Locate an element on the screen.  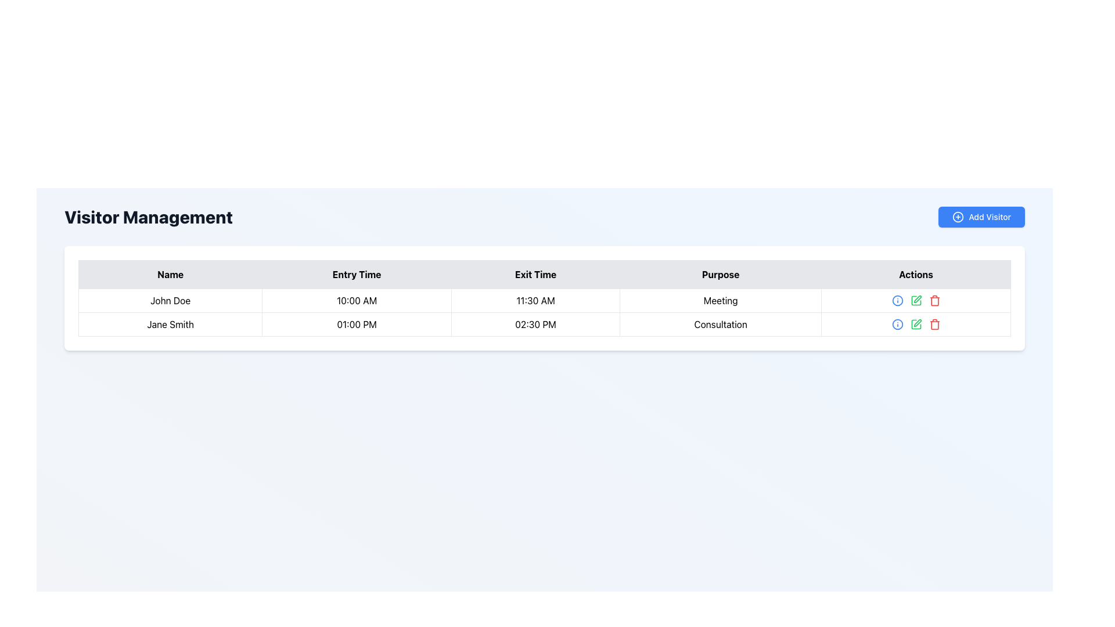
the specific icon in the Button Group for 'John Doe, Meeting' located in the 'Actions' column of the second row is located at coordinates (915, 300).